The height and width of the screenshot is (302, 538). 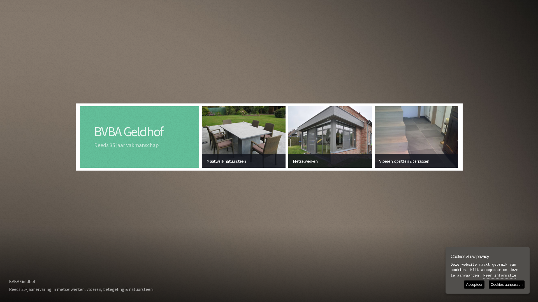 What do you see at coordinates (516, 289) in the screenshot?
I see `'digital roads'` at bounding box center [516, 289].